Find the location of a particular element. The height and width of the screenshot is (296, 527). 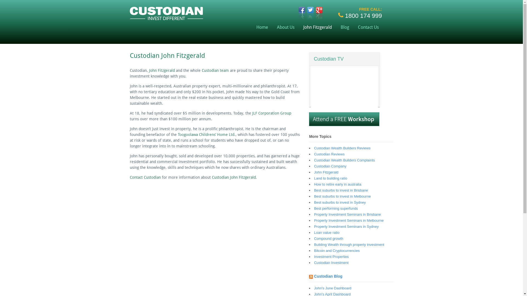

'Custodian Blog' is located at coordinates (328, 276).